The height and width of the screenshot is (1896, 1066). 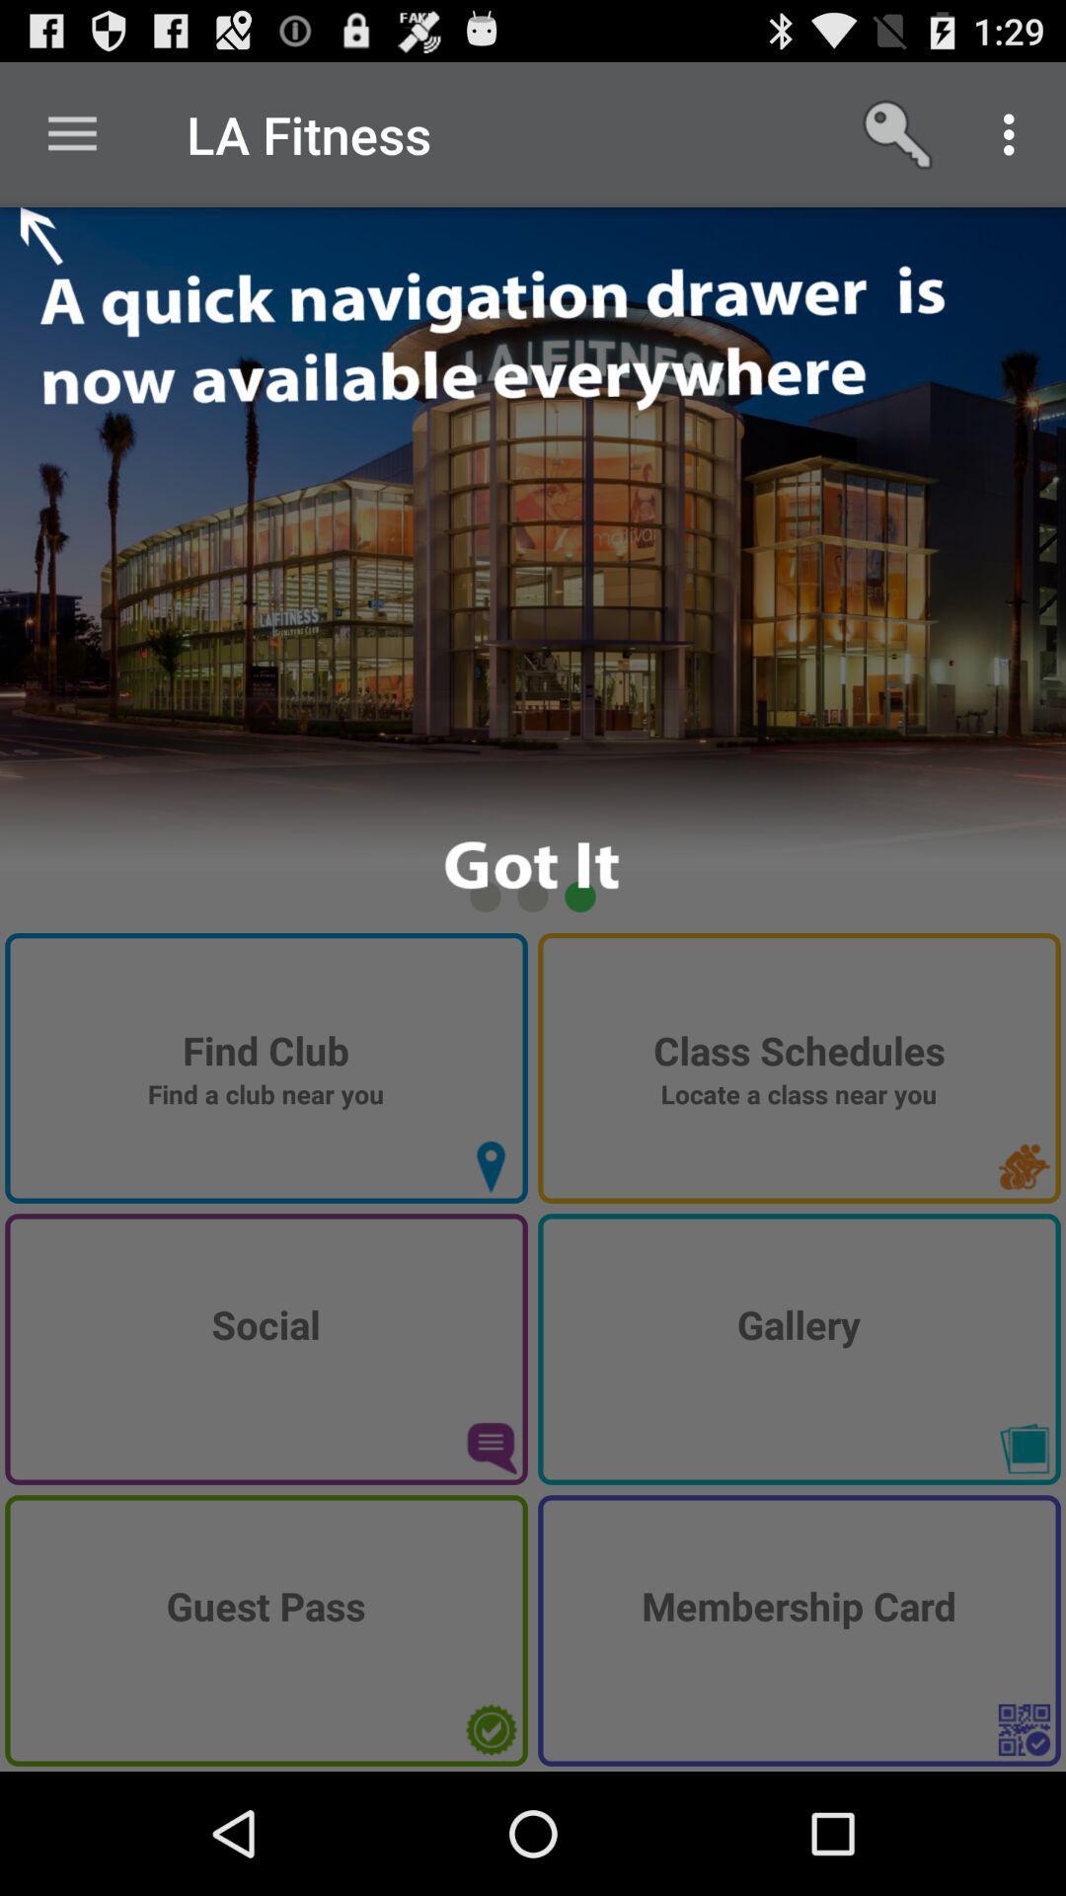 What do you see at coordinates (490, 1449) in the screenshot?
I see `the chat icon which is below got it on the page` at bounding box center [490, 1449].